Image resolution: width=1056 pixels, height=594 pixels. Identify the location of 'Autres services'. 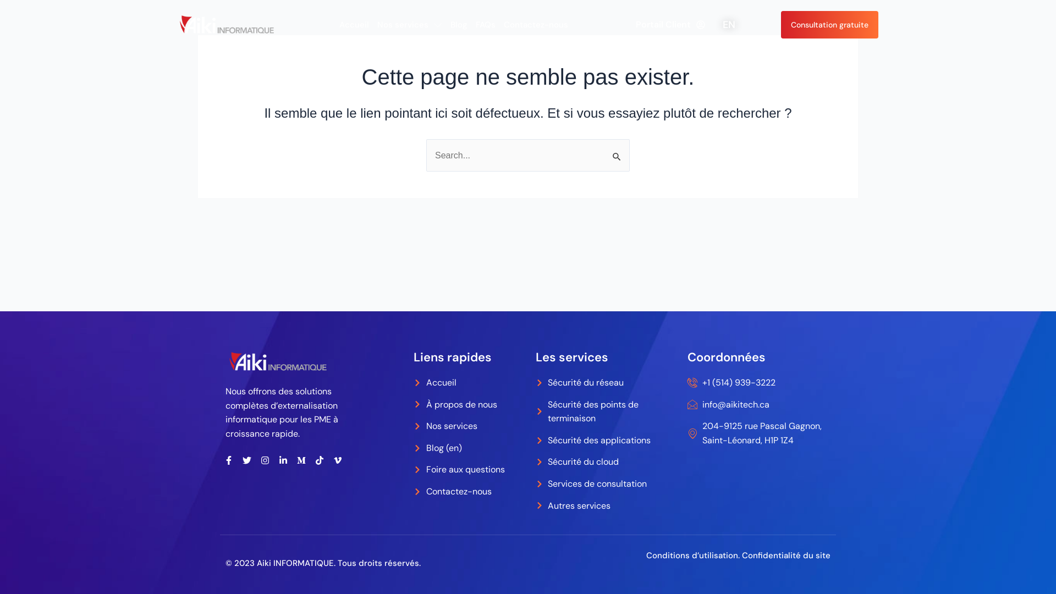
(606, 506).